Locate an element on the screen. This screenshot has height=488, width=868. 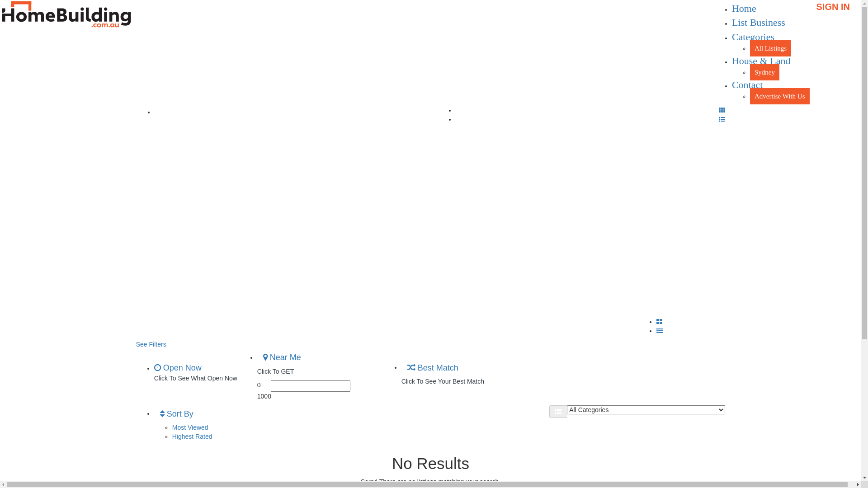
'Highest Rated' is located at coordinates (192, 436).